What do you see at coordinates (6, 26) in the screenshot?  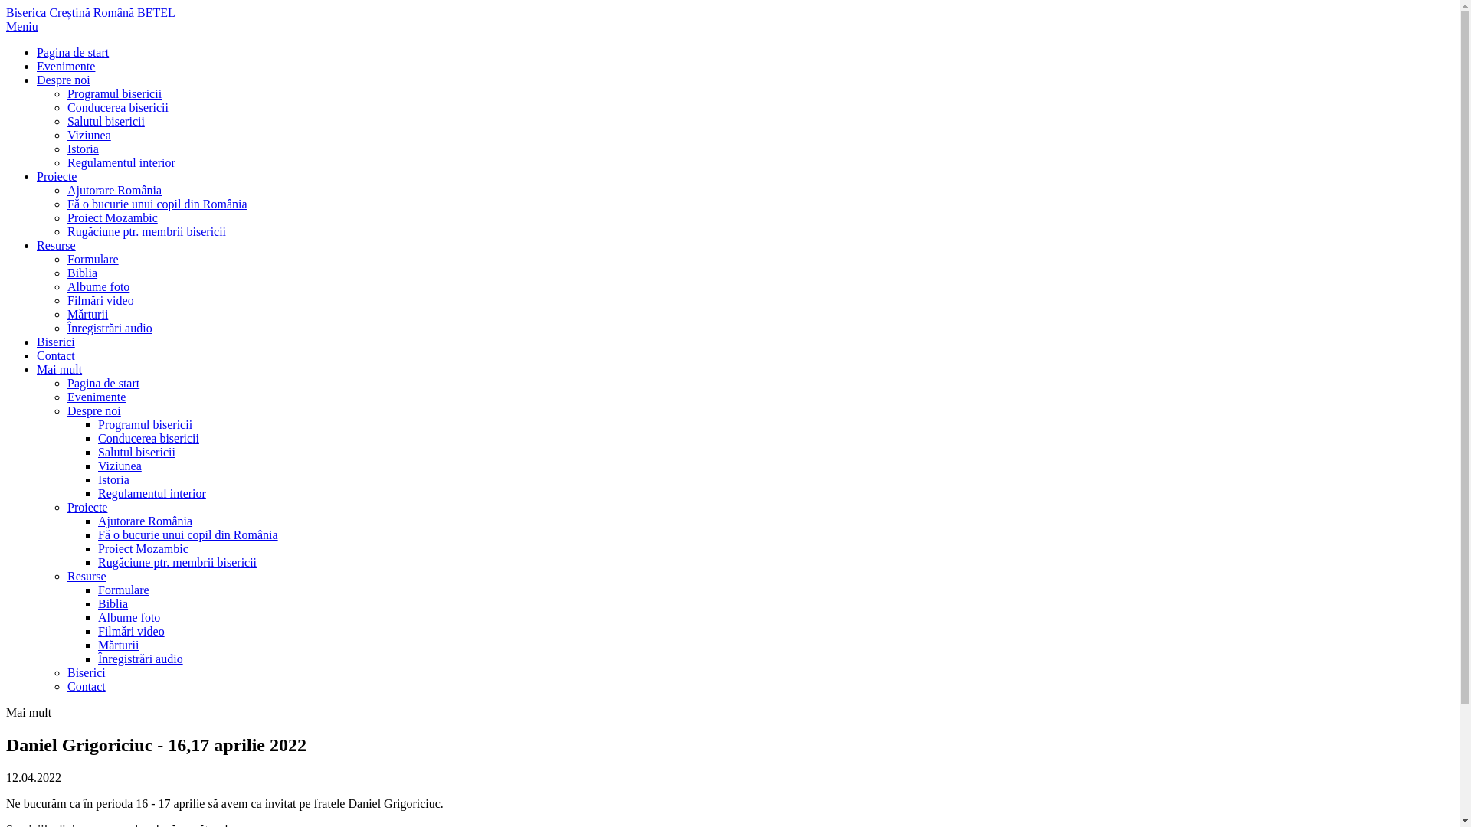 I see `'Meniu'` at bounding box center [6, 26].